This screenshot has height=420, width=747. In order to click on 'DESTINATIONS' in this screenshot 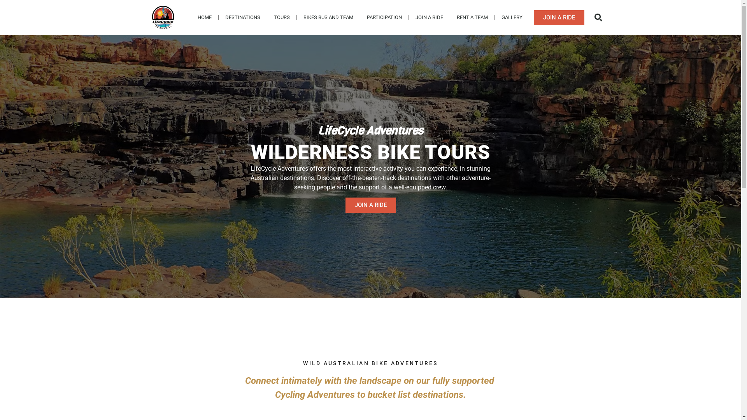, I will do `click(242, 17)`.